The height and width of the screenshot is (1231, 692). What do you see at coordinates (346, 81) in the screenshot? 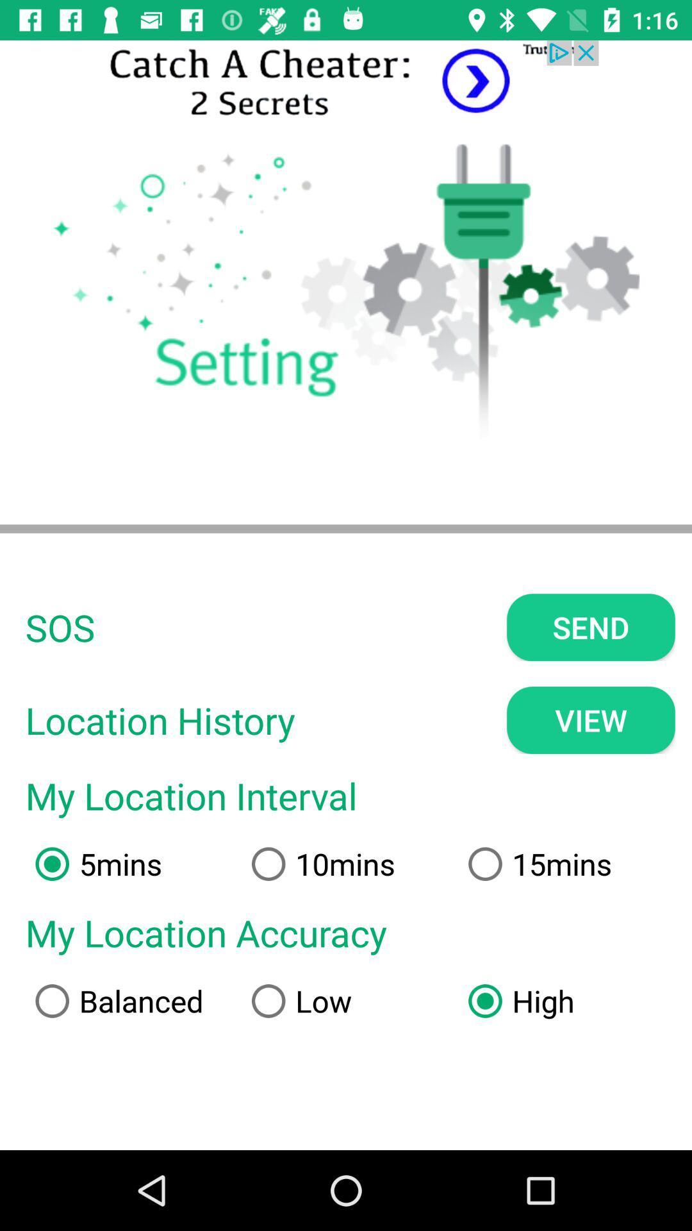
I see `visit sponsor advertisement` at bounding box center [346, 81].